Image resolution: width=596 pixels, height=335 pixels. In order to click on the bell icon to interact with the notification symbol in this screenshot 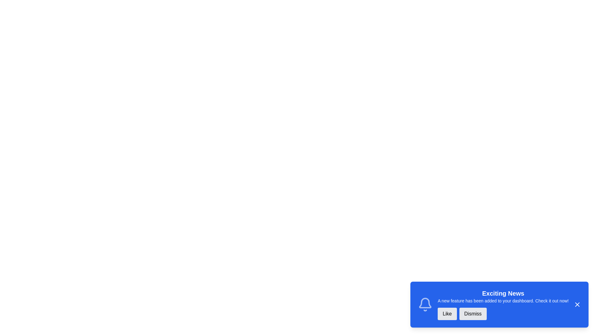, I will do `click(425, 304)`.